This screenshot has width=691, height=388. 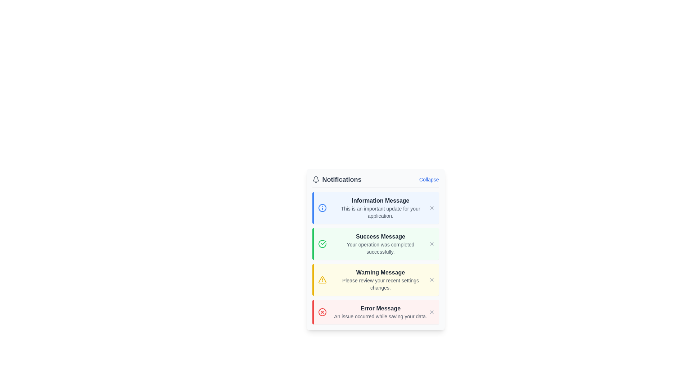 I want to click on the 'Information Message' text label, which is styled in bold dark gray and located at the top of the first notification card with a light blue background, so click(x=380, y=201).